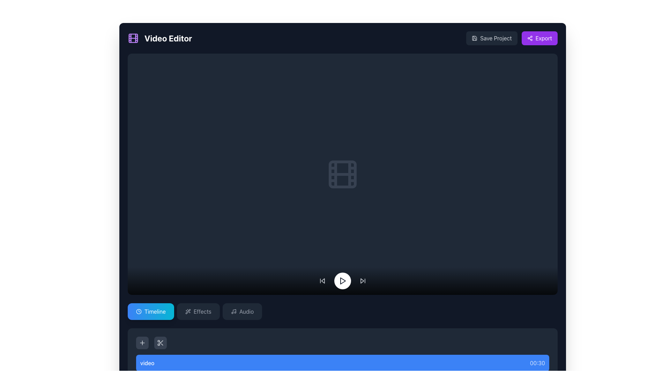 The height and width of the screenshot is (376, 670). Describe the element at coordinates (188, 311) in the screenshot. I see `the wand icon with sparkles located within the 'Effects' button on the horizontal navigation bar under the video editor interface` at that location.